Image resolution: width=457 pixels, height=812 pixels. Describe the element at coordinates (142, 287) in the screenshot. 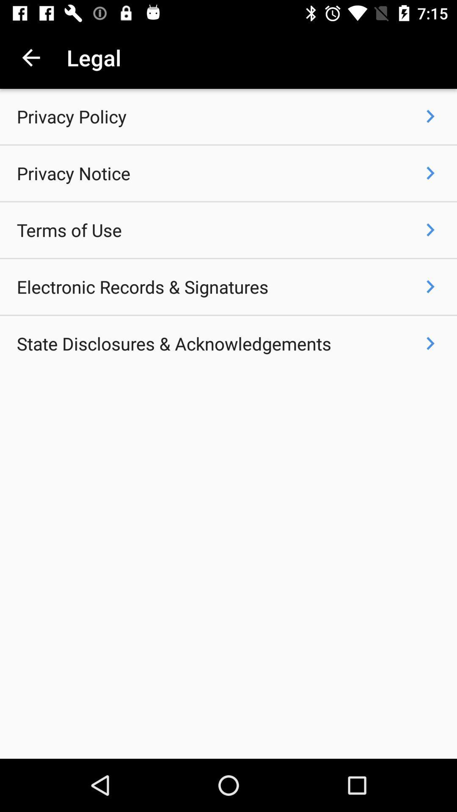

I see `item below the terms of use icon` at that location.